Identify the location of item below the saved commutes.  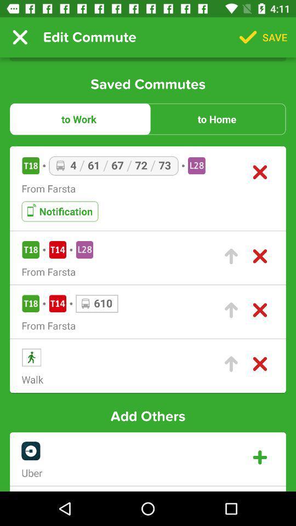
(78, 119).